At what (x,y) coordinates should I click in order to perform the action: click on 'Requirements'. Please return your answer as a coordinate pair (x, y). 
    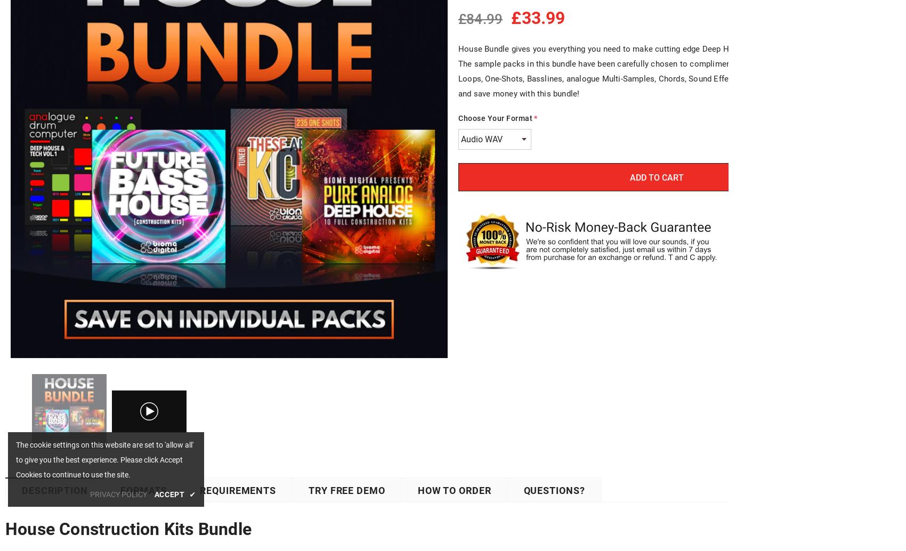
    Looking at the image, I should click on (238, 490).